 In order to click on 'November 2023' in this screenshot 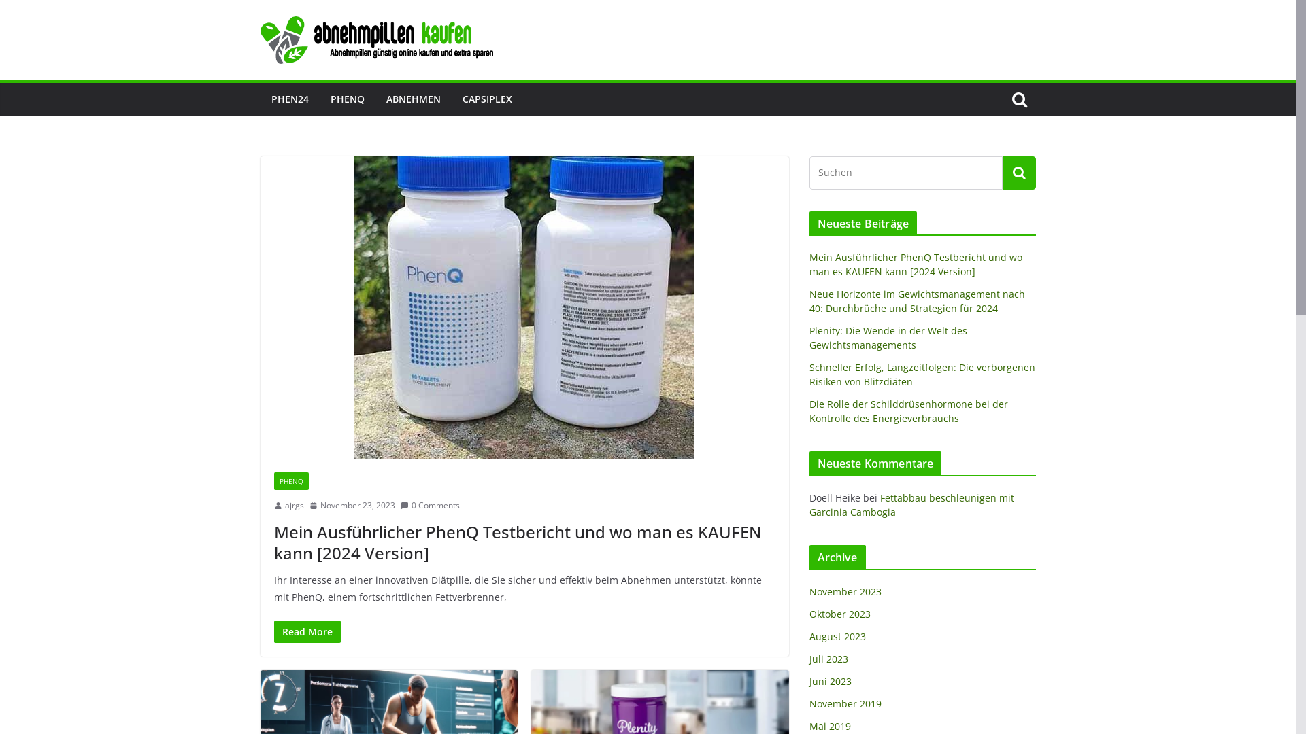, I will do `click(845, 591)`.